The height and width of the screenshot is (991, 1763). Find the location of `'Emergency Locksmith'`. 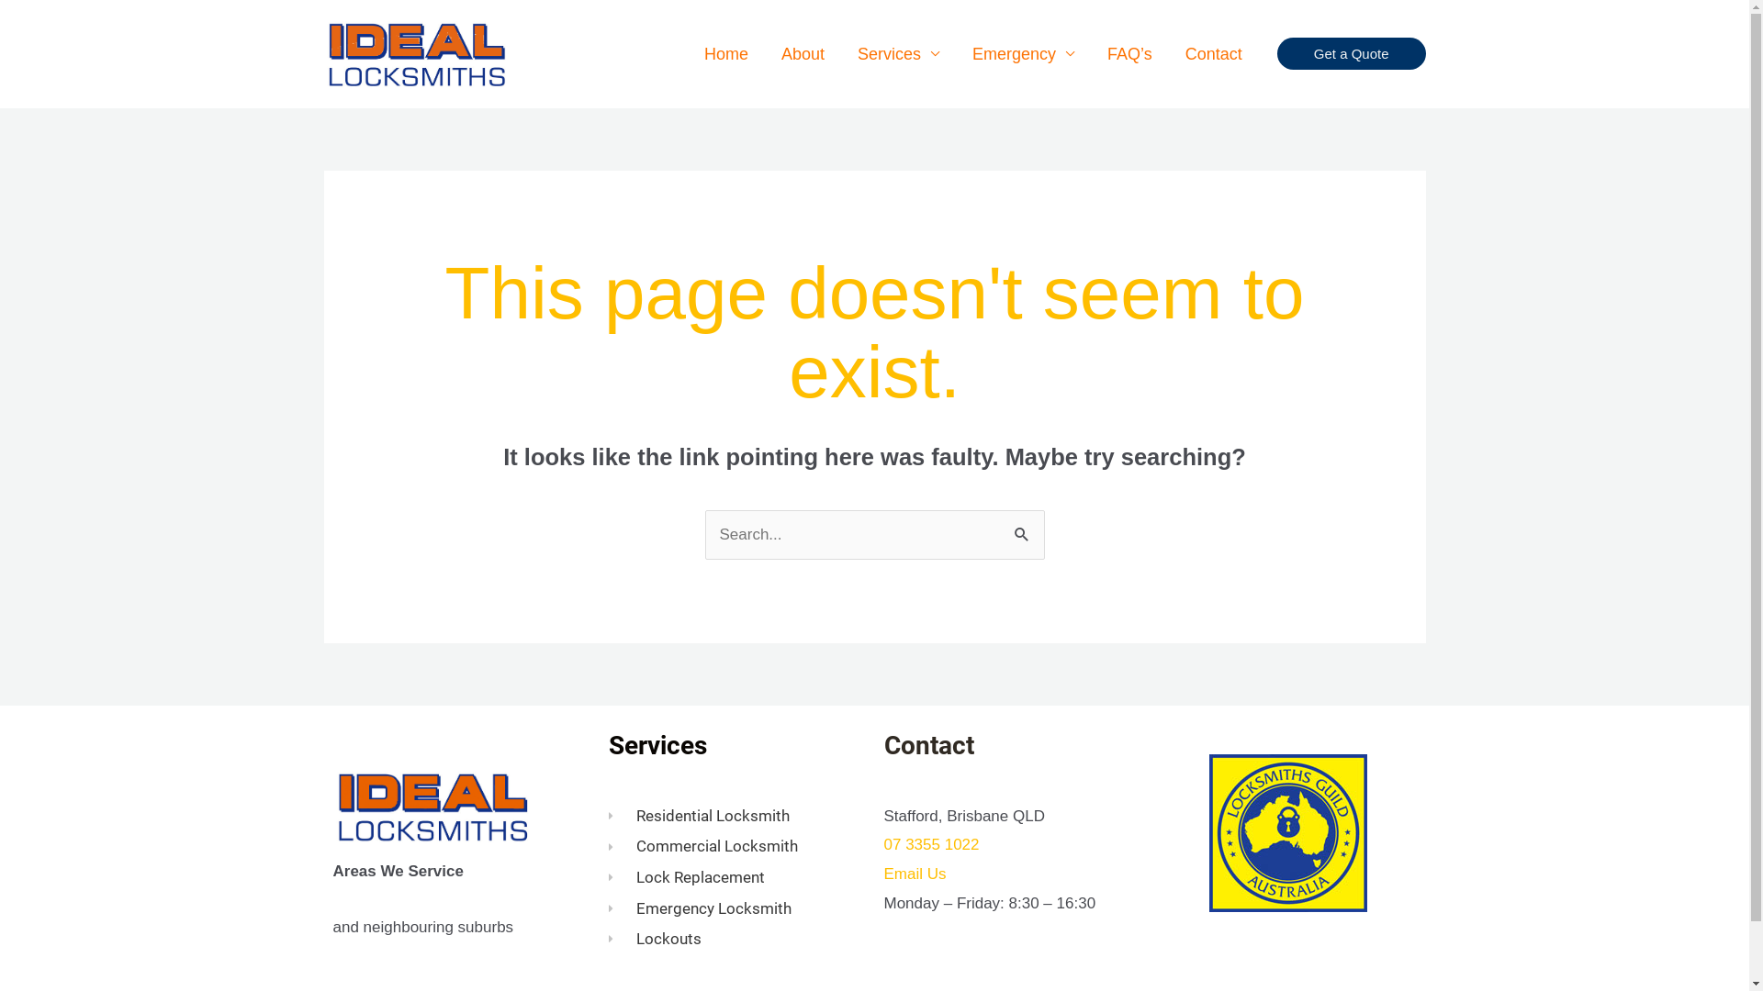

'Emergency Locksmith' is located at coordinates (736, 909).